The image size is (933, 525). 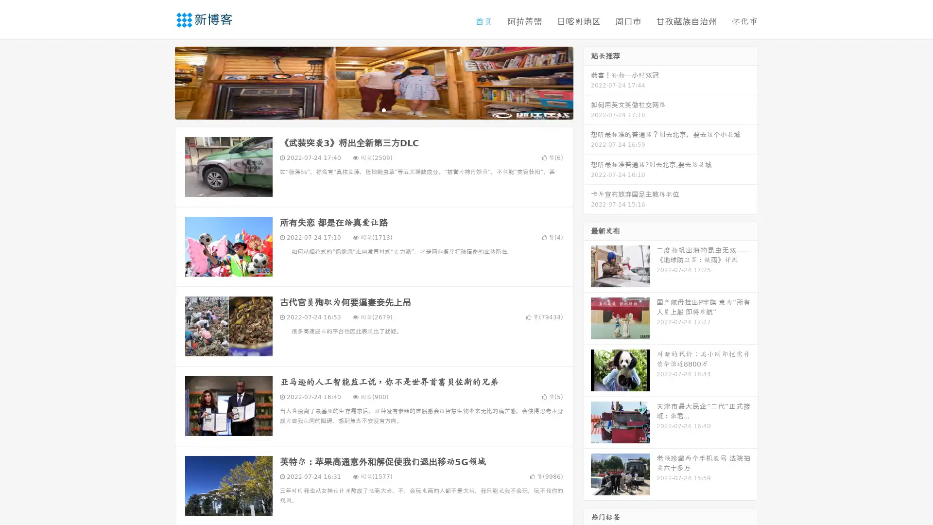 I want to click on Previous slide, so click(x=160, y=82).